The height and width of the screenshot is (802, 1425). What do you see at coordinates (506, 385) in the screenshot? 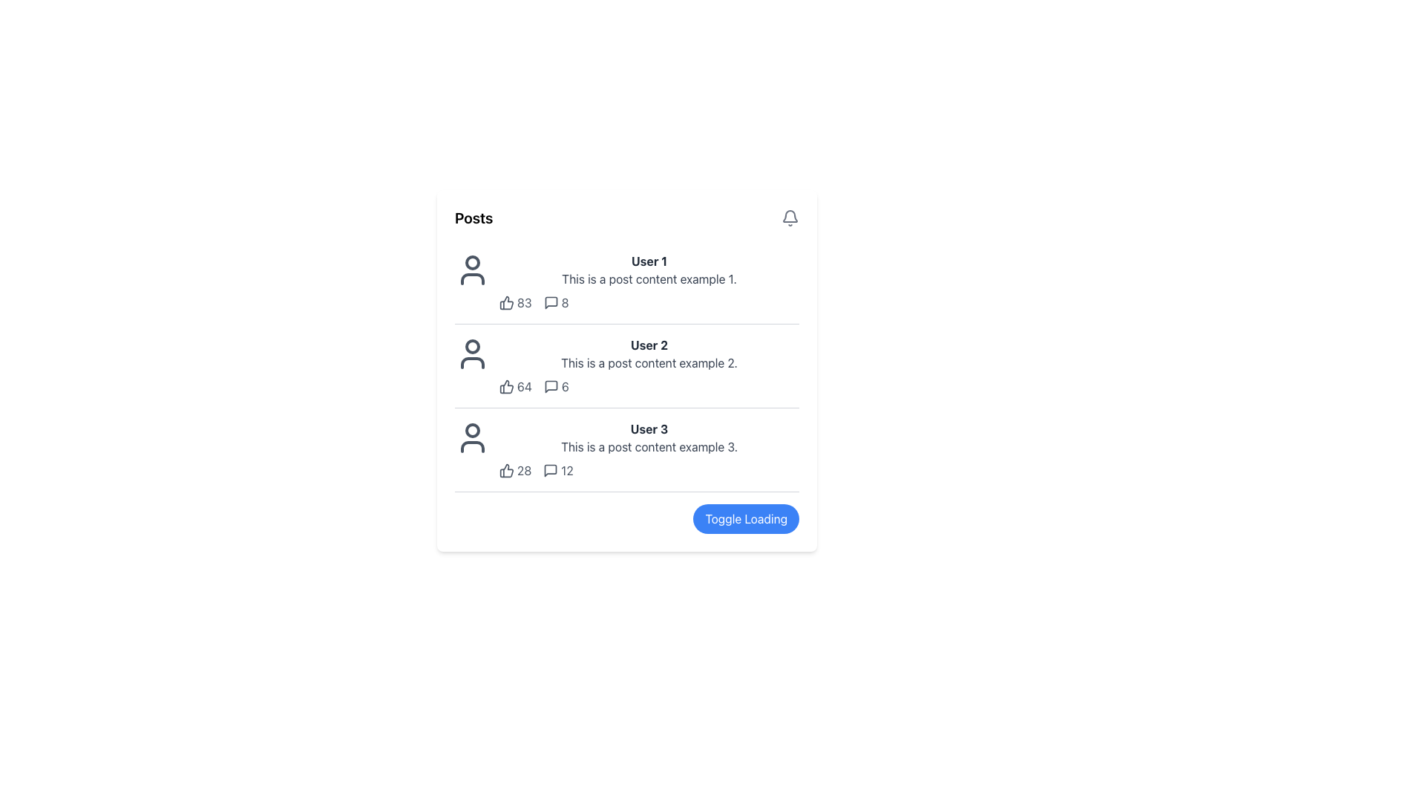
I see `the reaction indicator icon located below the text content of the second user posting block to express approval` at bounding box center [506, 385].